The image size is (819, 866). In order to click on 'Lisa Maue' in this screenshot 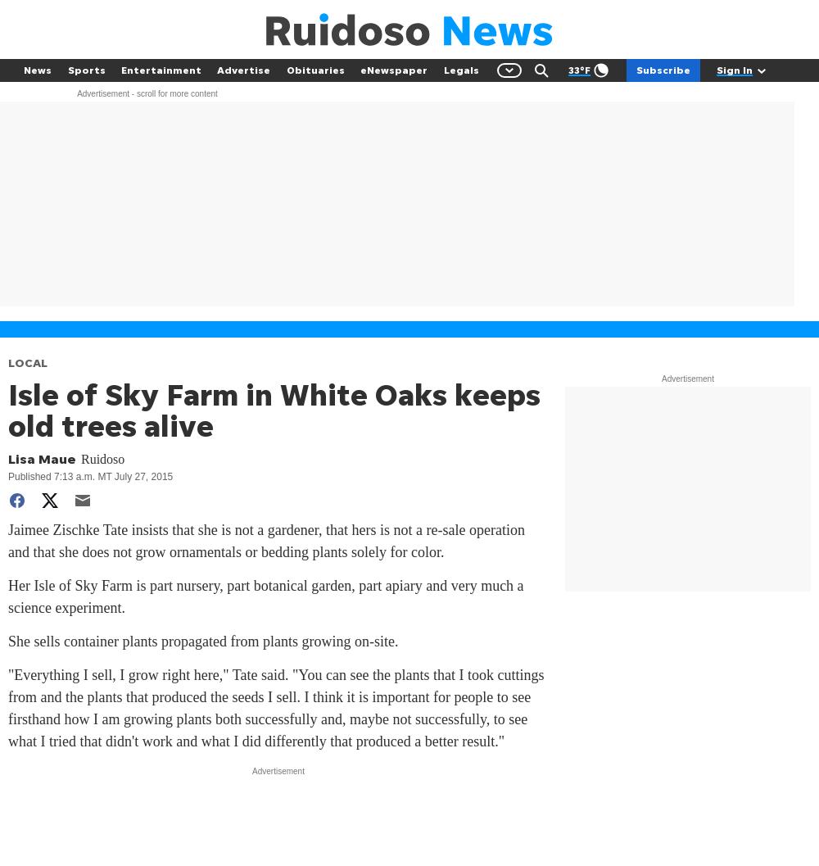, I will do `click(42, 457)`.